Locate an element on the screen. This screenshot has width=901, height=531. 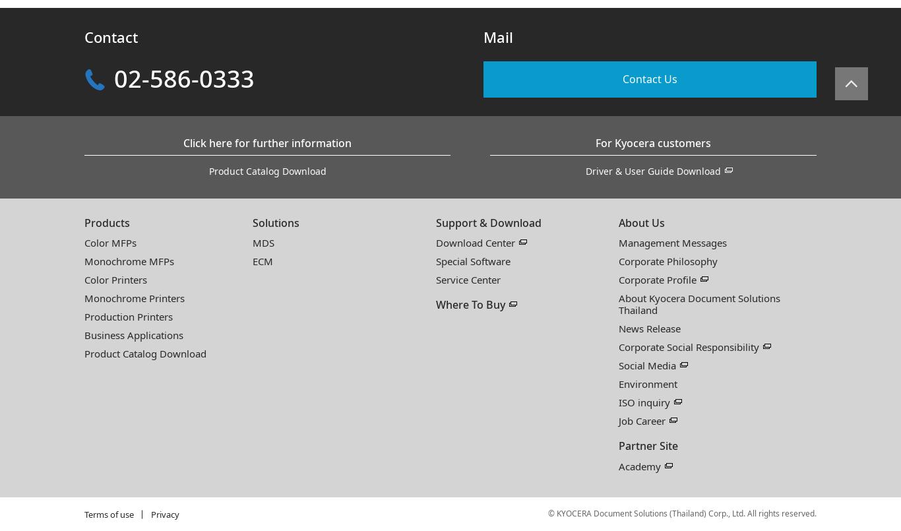
'Business Applications' is located at coordinates (133, 335).